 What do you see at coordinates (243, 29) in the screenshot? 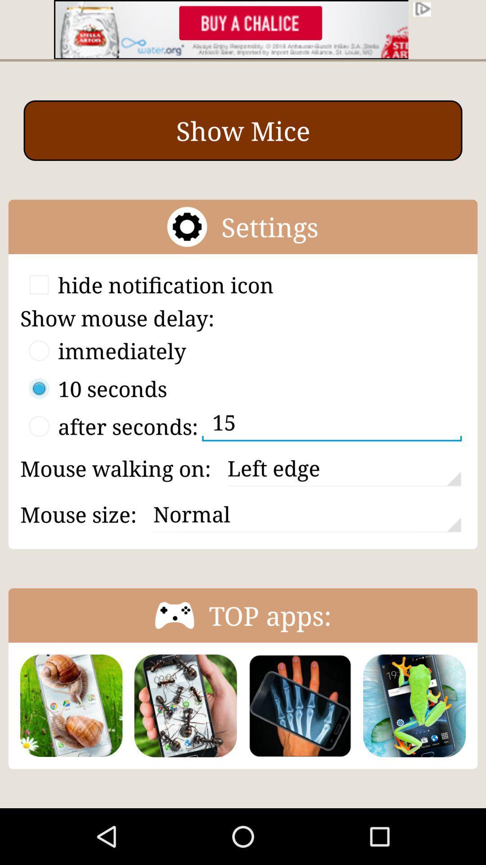
I see `the advertised site` at bounding box center [243, 29].